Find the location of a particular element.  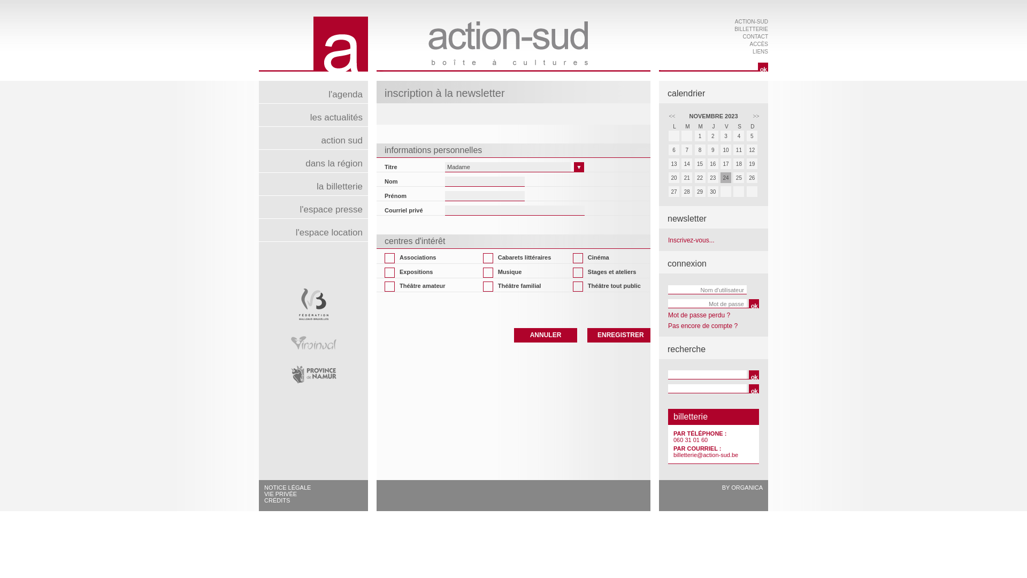

'LIENS' is located at coordinates (760, 51).